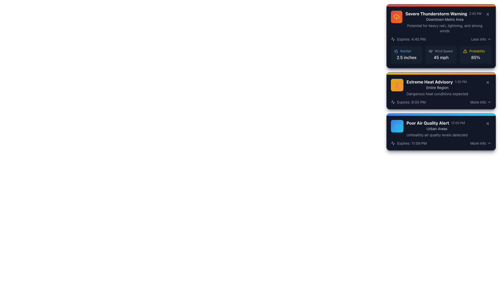  What do you see at coordinates (393, 102) in the screenshot?
I see `the expiration icon located to the left of the text 'Expires: 8:00 PM' within the second notification card of the alert cards` at bounding box center [393, 102].